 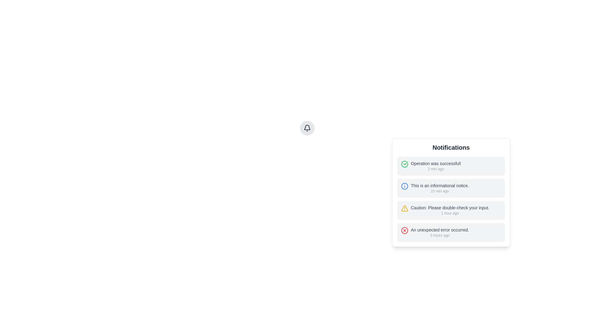 What do you see at coordinates (451, 166) in the screenshot?
I see `the first notification card in the notifications panel that displays a success message and timestamp` at bounding box center [451, 166].